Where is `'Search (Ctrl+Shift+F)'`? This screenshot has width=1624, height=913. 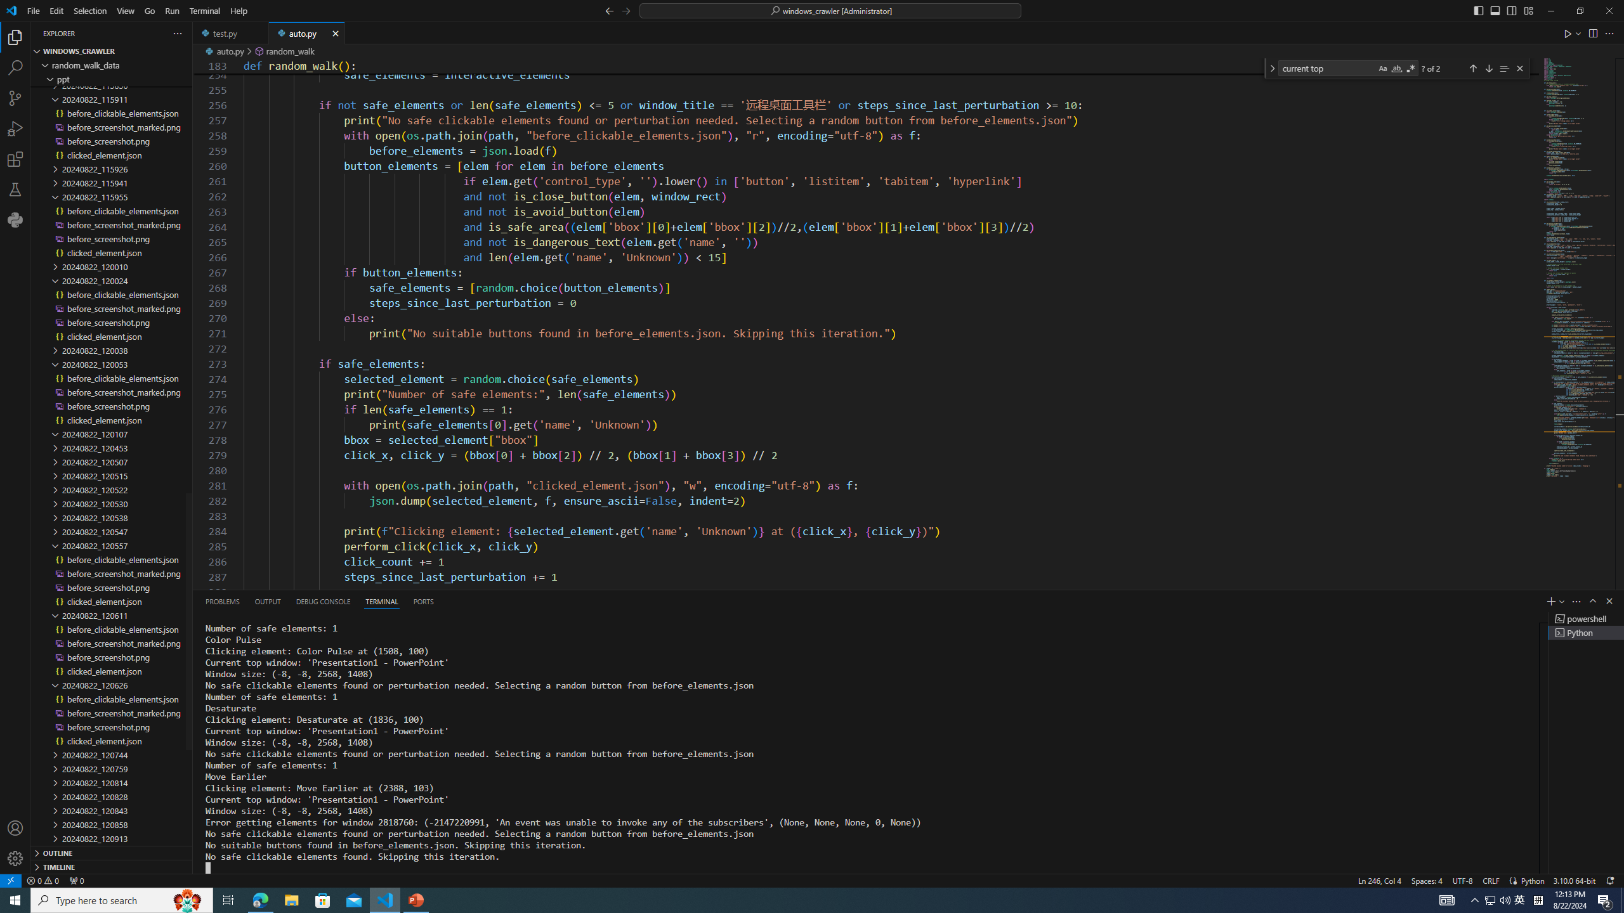 'Search (Ctrl+Shift+F)' is located at coordinates (15, 68).